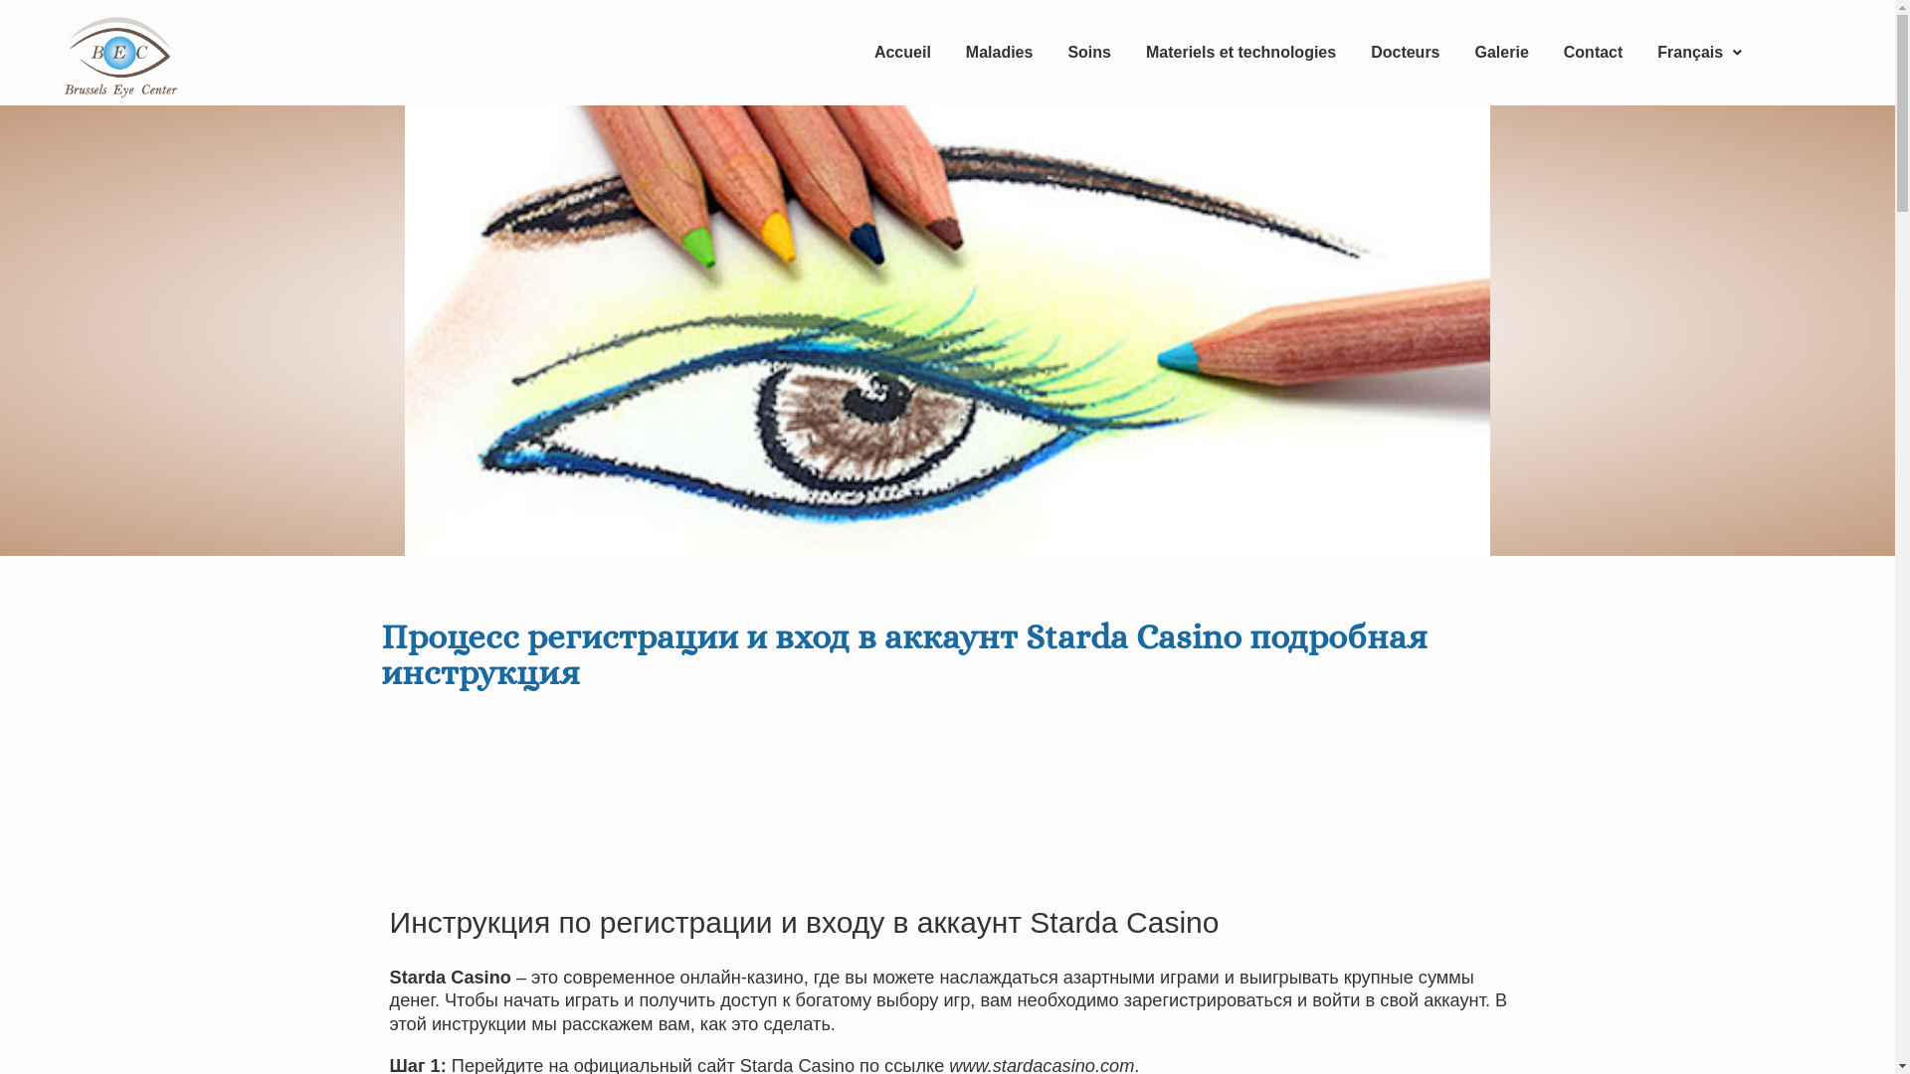  What do you see at coordinates (948, 52) in the screenshot?
I see `'Maladies'` at bounding box center [948, 52].